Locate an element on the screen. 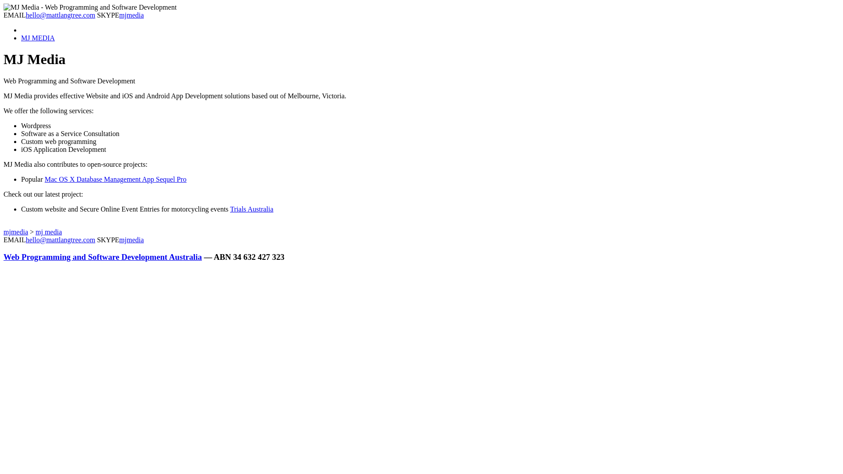  'Web Programming and Software Development Australia' is located at coordinates (103, 257).